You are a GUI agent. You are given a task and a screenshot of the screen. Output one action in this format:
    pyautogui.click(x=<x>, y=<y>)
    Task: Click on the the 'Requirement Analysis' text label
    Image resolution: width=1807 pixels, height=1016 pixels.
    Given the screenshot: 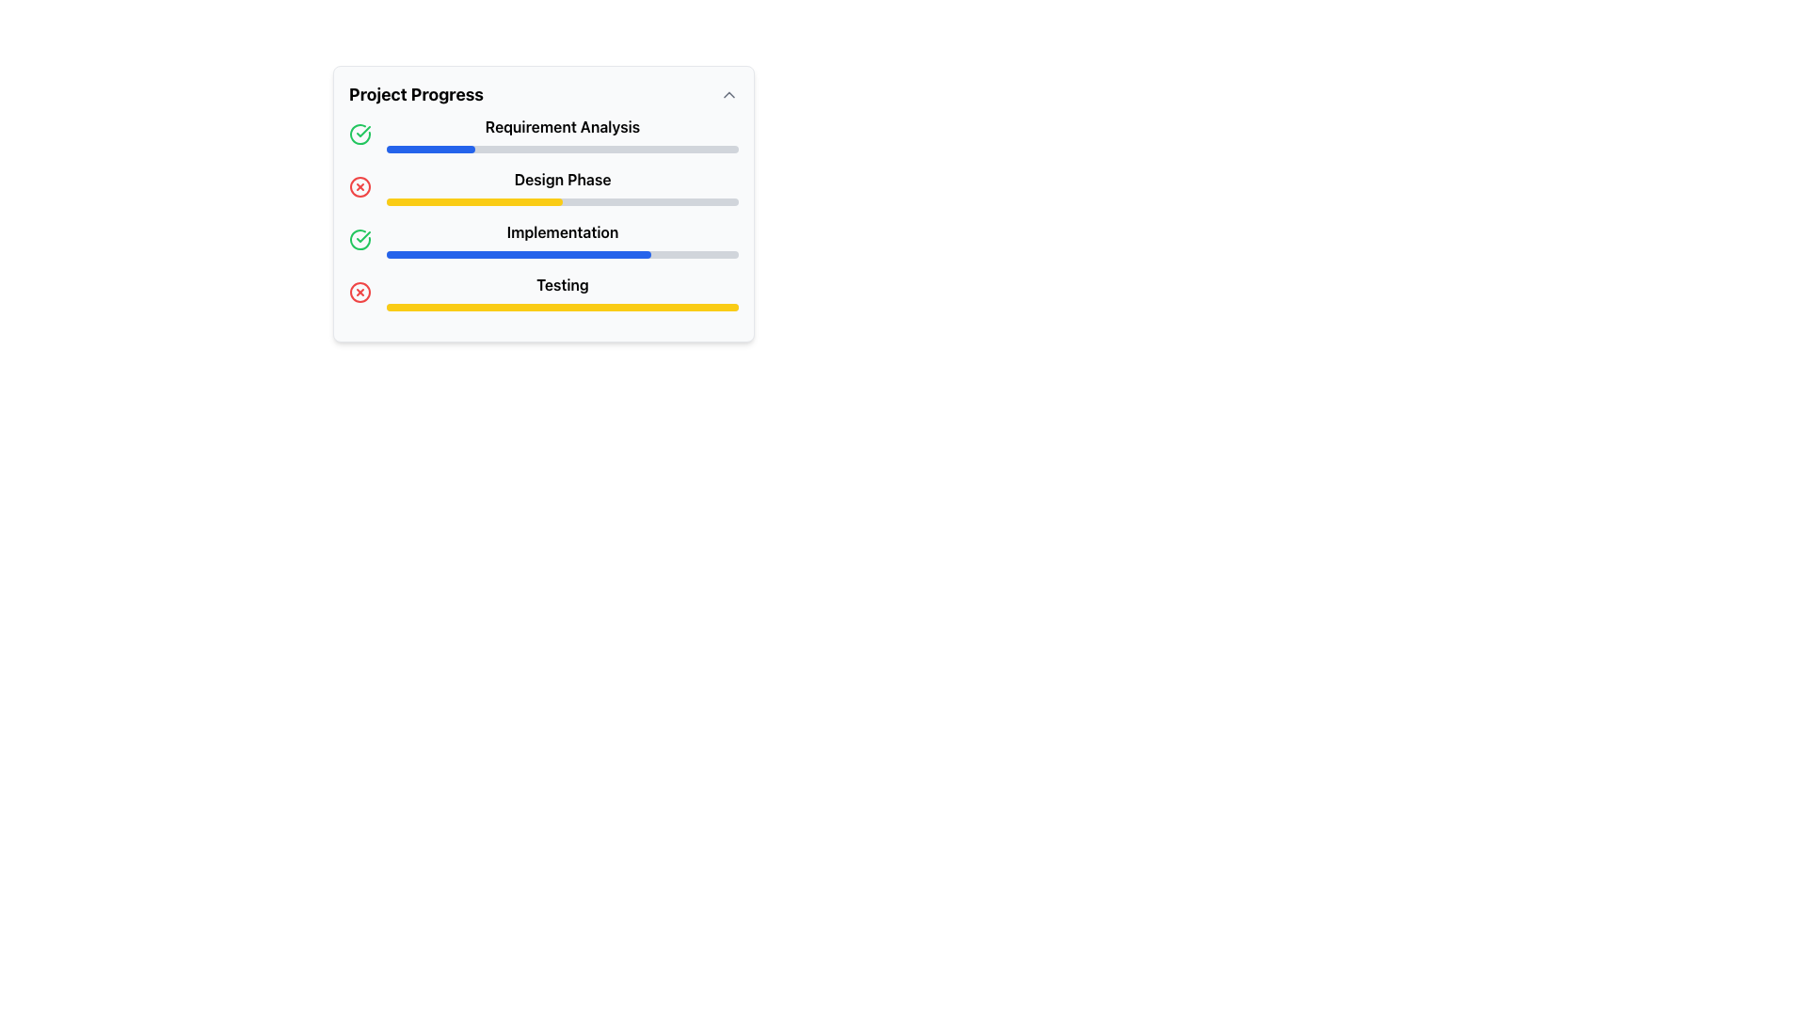 What is the action you would take?
    pyautogui.click(x=542, y=133)
    